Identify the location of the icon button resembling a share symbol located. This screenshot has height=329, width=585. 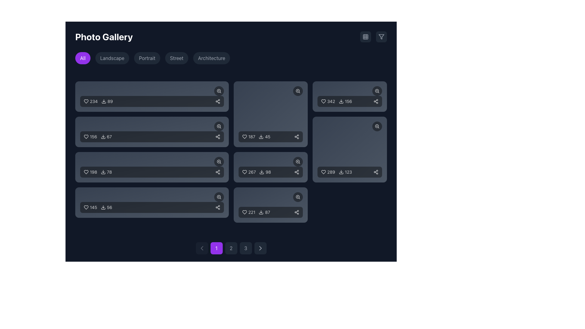
(218, 172).